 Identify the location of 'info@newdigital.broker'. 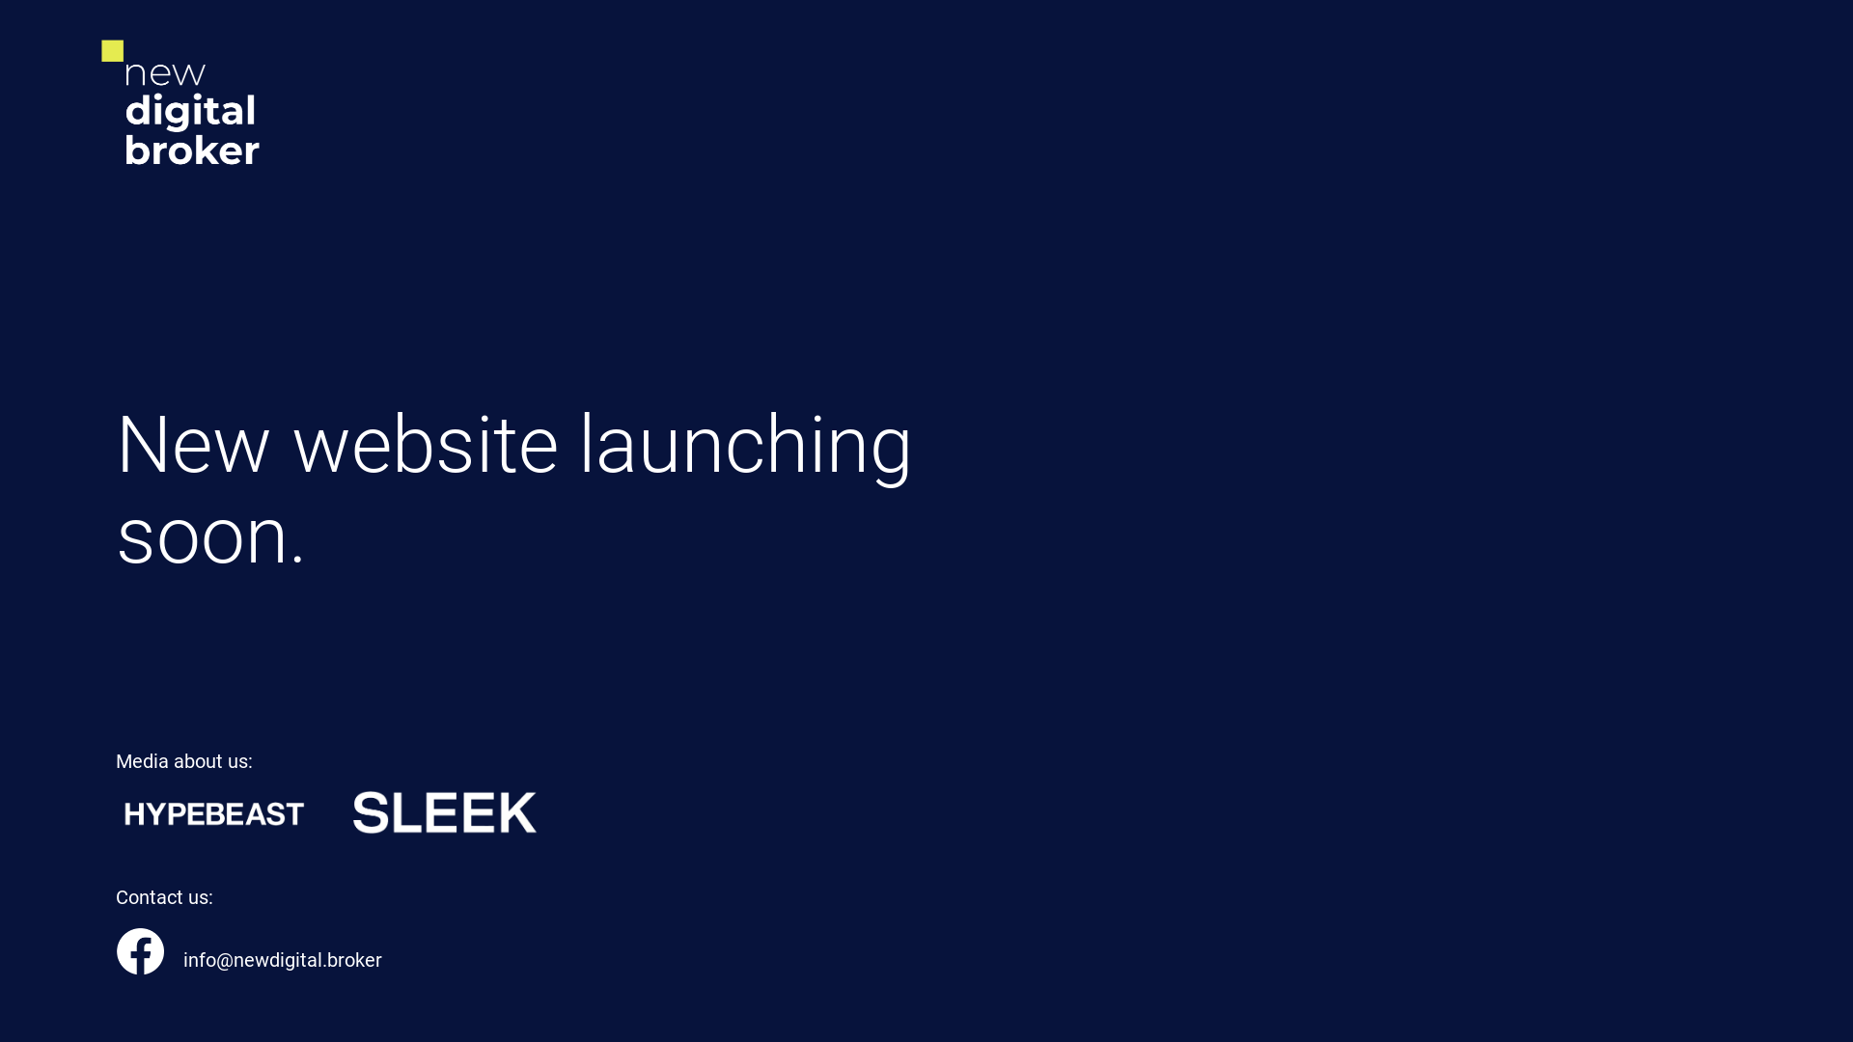
(183, 960).